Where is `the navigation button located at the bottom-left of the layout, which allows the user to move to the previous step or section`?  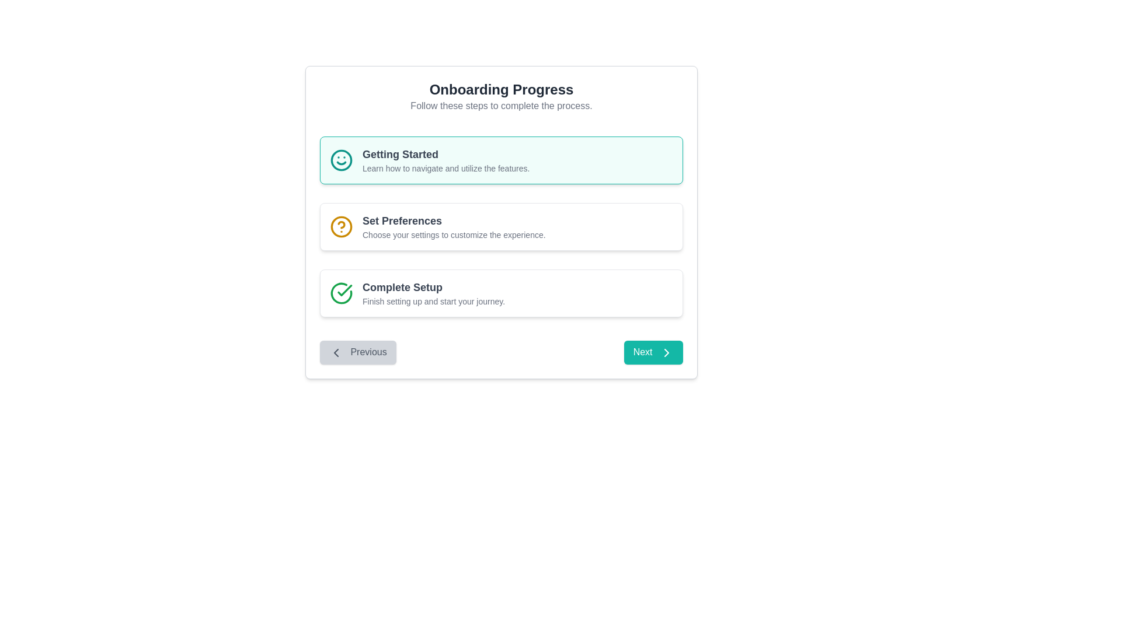 the navigation button located at the bottom-left of the layout, which allows the user to move to the previous step or section is located at coordinates (357, 352).